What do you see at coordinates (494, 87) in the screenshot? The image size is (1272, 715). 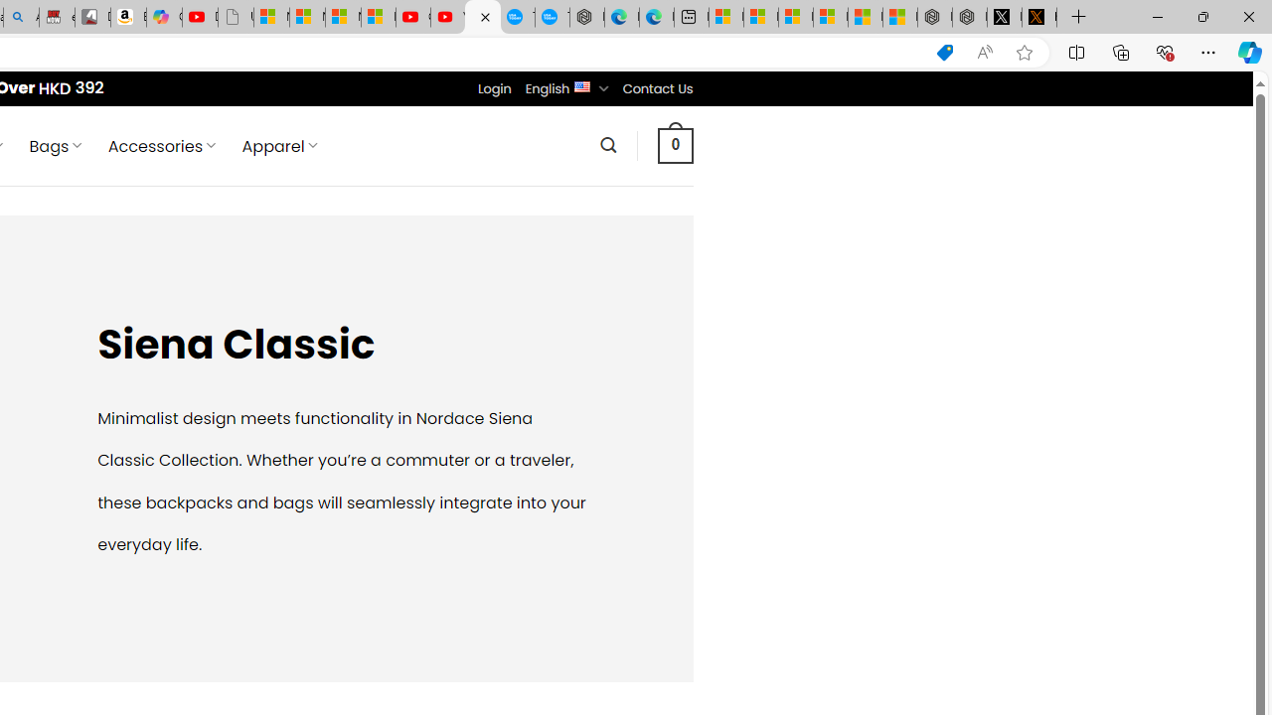 I see `'Login'` at bounding box center [494, 87].